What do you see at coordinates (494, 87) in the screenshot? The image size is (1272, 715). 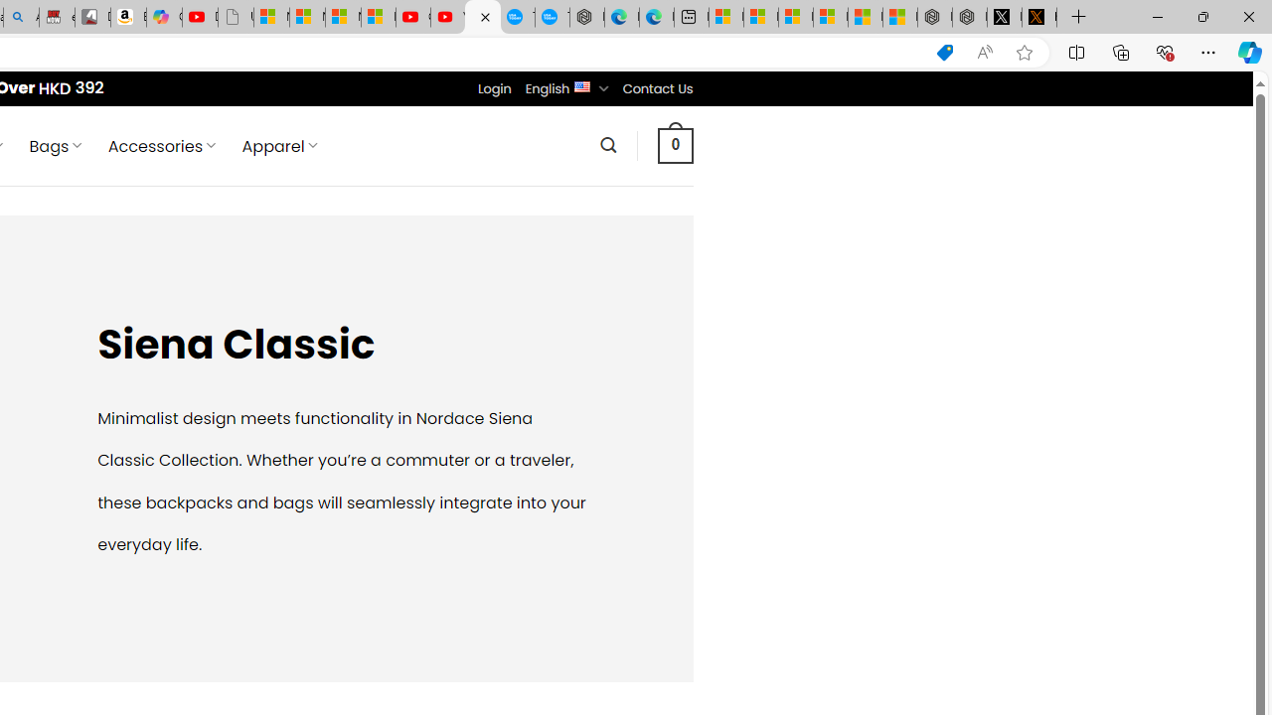 I see `'Login'` at bounding box center [494, 87].